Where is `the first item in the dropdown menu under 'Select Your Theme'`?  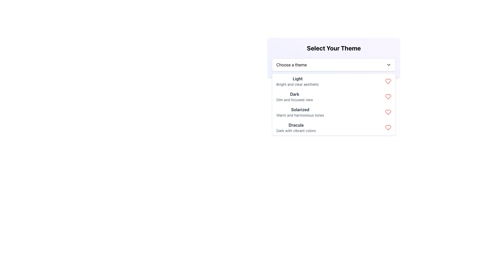
the first item in the dropdown menu under 'Select Your Theme' is located at coordinates (334, 81).